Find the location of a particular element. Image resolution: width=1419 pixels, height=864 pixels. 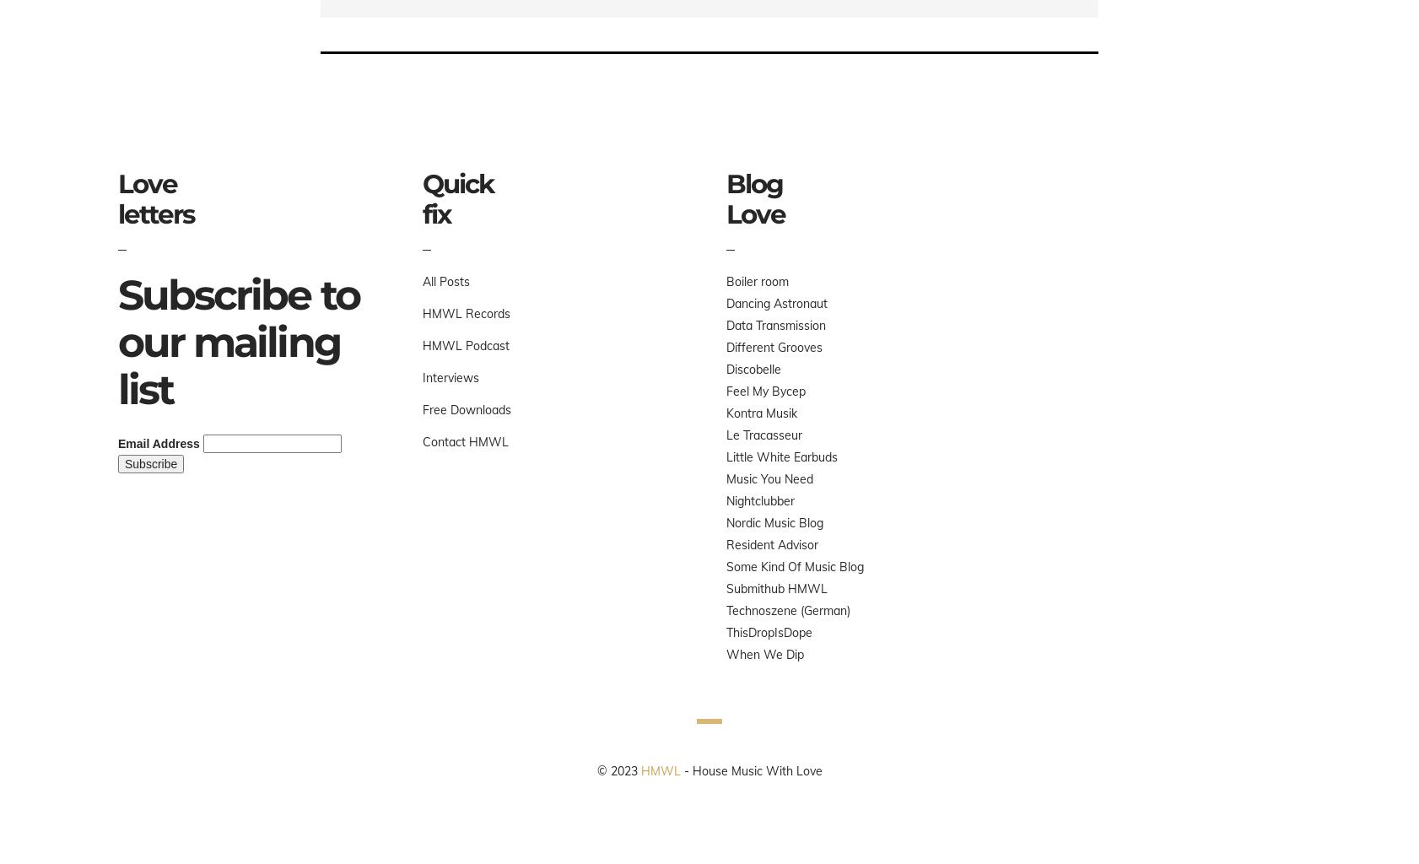

'All Posts' is located at coordinates (445, 281).